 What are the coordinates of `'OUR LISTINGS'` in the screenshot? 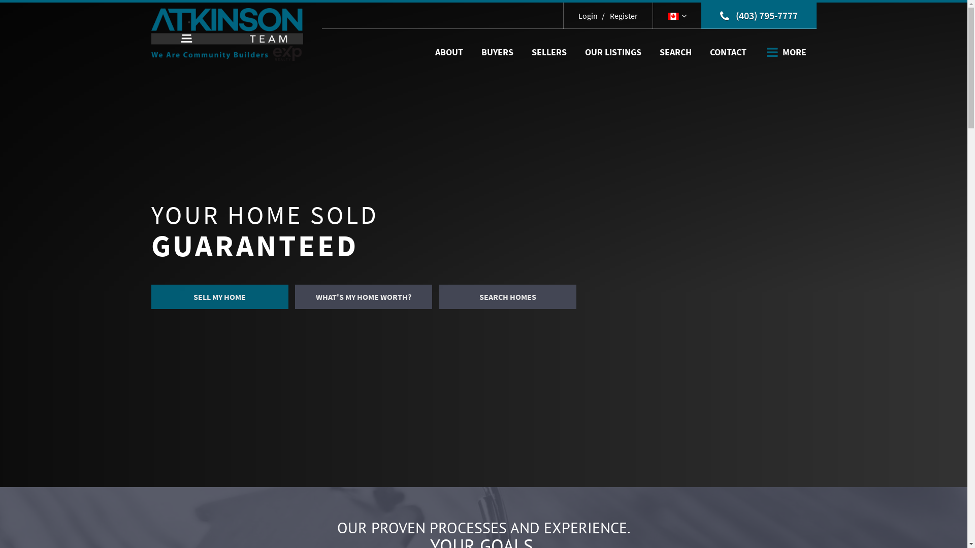 It's located at (575, 52).